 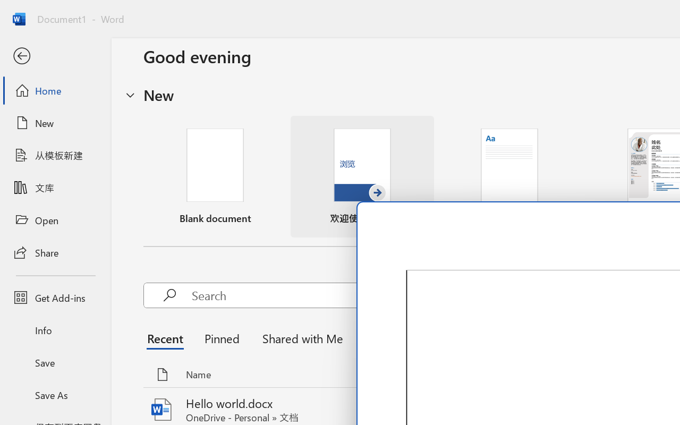 What do you see at coordinates (55, 297) in the screenshot?
I see `'Get Add-ins'` at bounding box center [55, 297].